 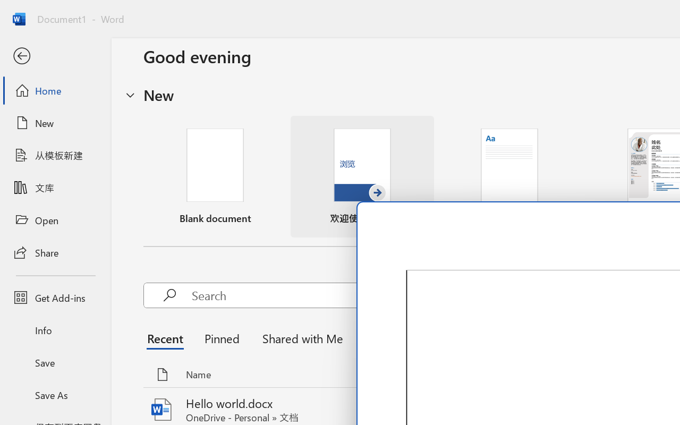 What do you see at coordinates (55, 297) in the screenshot?
I see `'Get Add-ins'` at bounding box center [55, 297].